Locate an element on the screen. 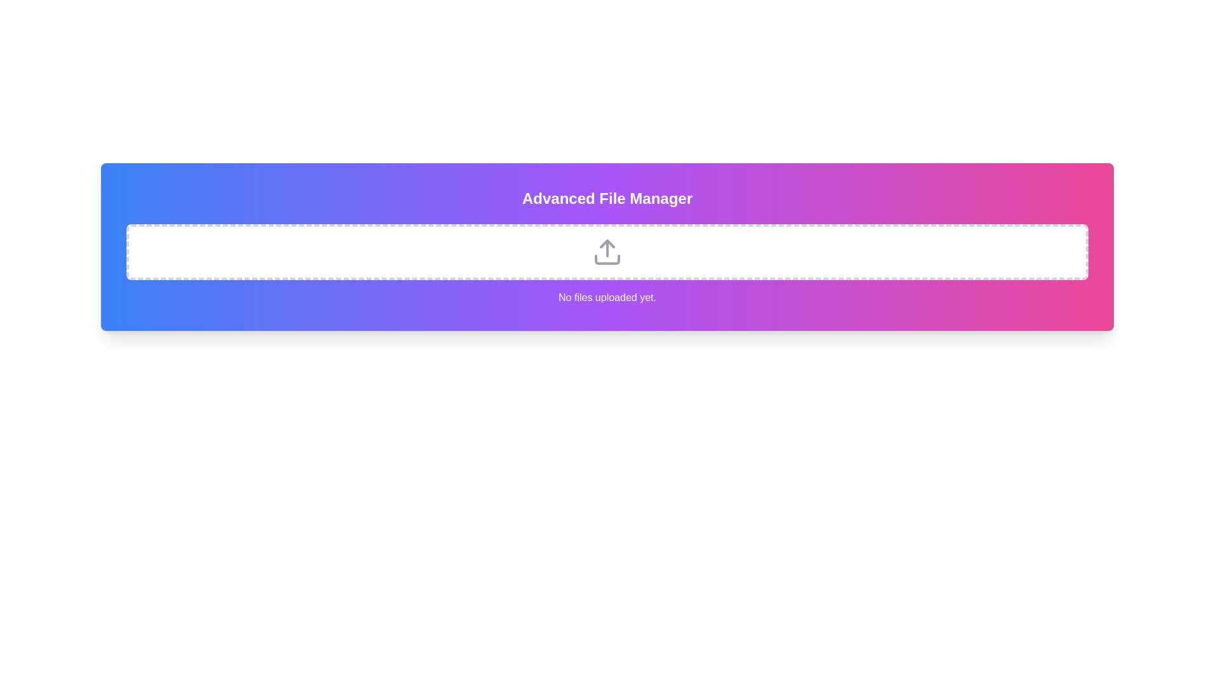 This screenshot has width=1220, height=686. the base rectangle of the upload icon, which serves as the foundation for the arrow above it is located at coordinates (606, 259).